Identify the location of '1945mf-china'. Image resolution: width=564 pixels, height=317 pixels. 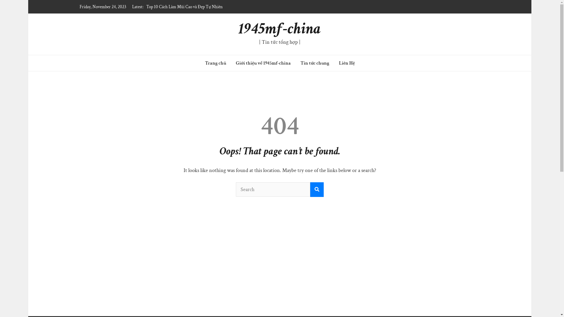
(279, 28).